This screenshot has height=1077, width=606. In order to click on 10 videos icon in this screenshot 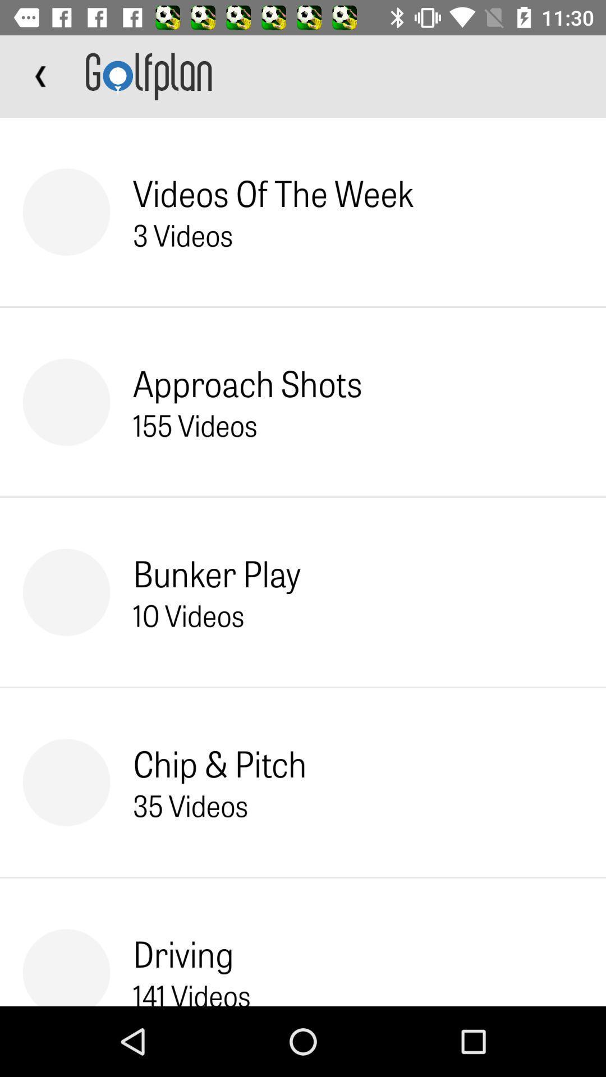, I will do `click(188, 614)`.